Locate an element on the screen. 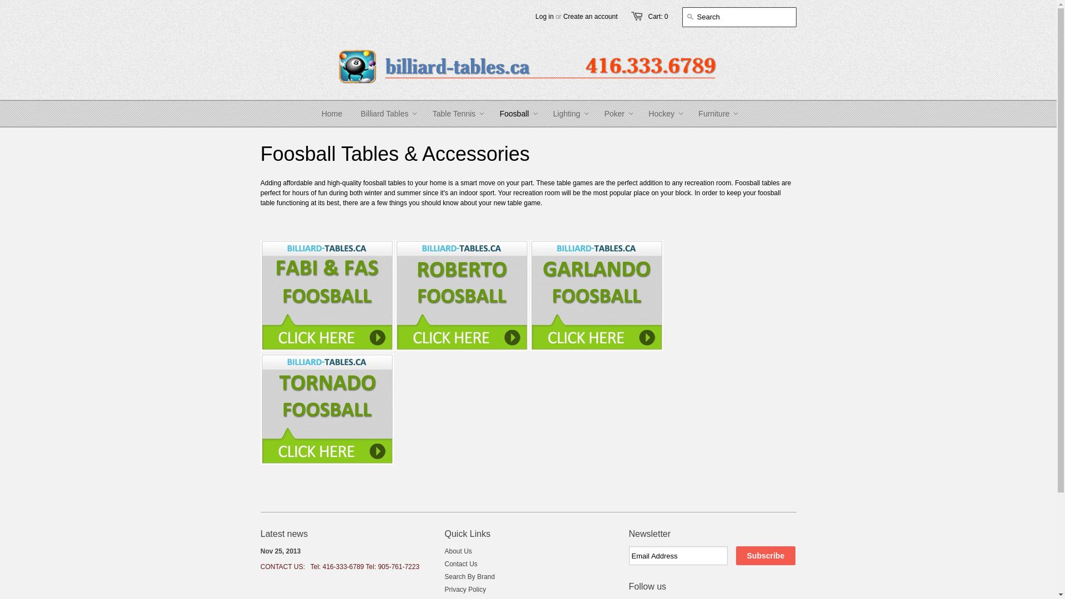 Image resolution: width=1065 pixels, height=599 pixels. 'Contact Us' is located at coordinates (444, 564).